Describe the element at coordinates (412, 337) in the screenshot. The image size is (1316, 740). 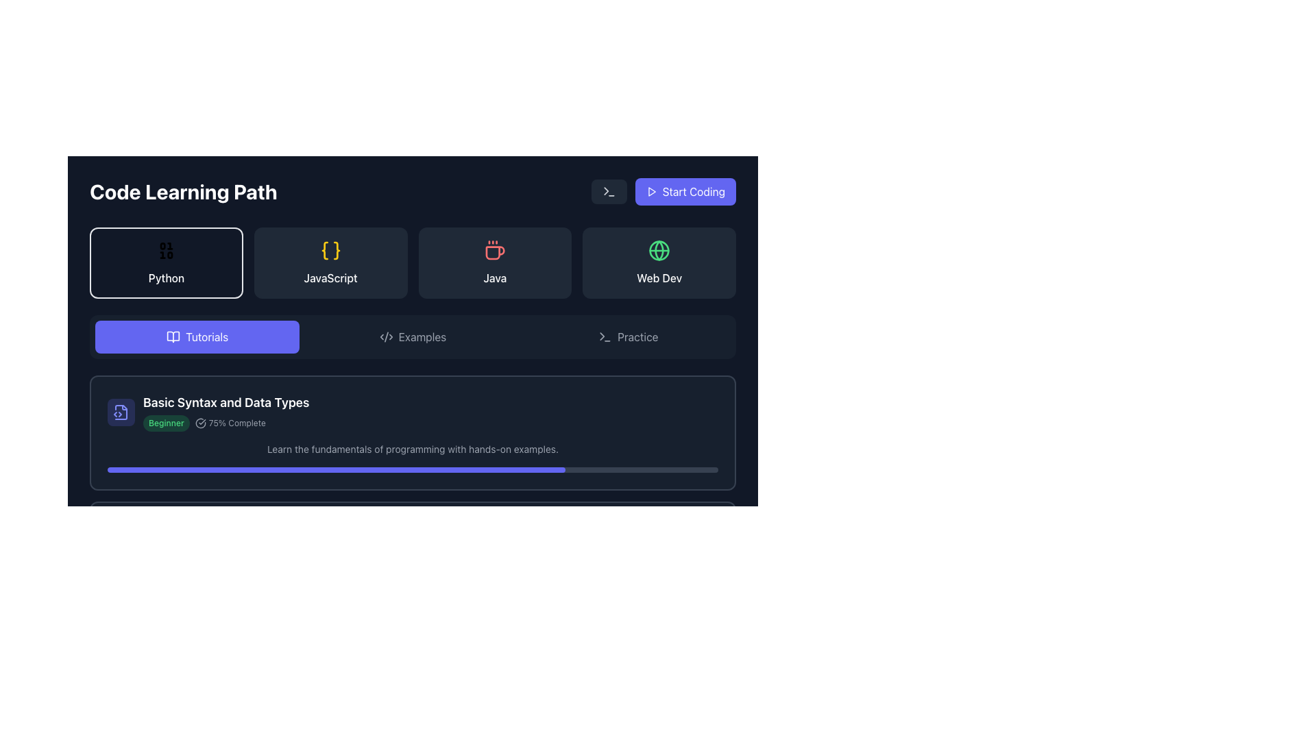
I see `the 'Examples' button, which is a rectangular button with a dark color theme and an icon of angled brackets '<>' to its left` at that location.